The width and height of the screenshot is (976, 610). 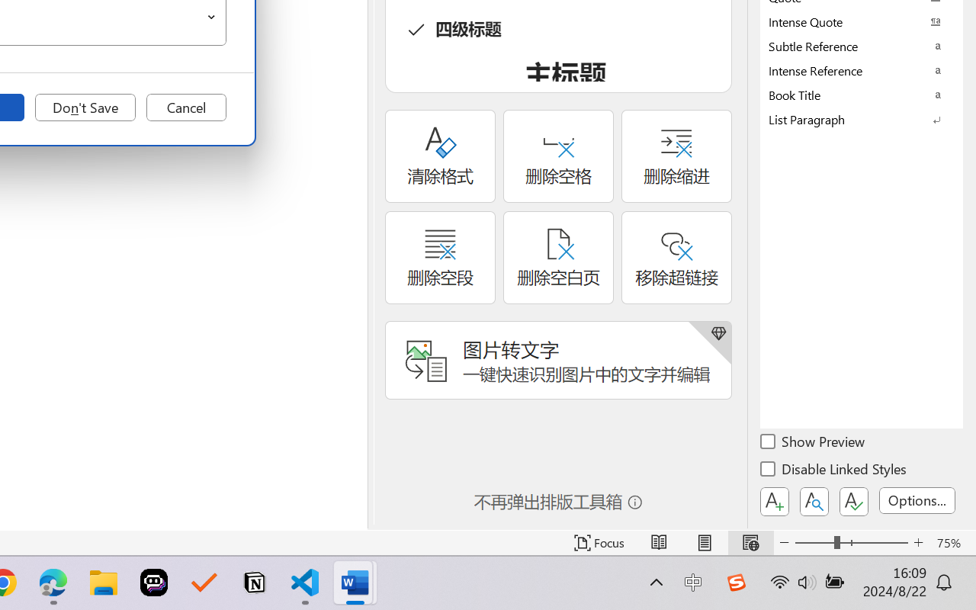 What do you see at coordinates (704, 542) in the screenshot?
I see `'Print Layout'` at bounding box center [704, 542].